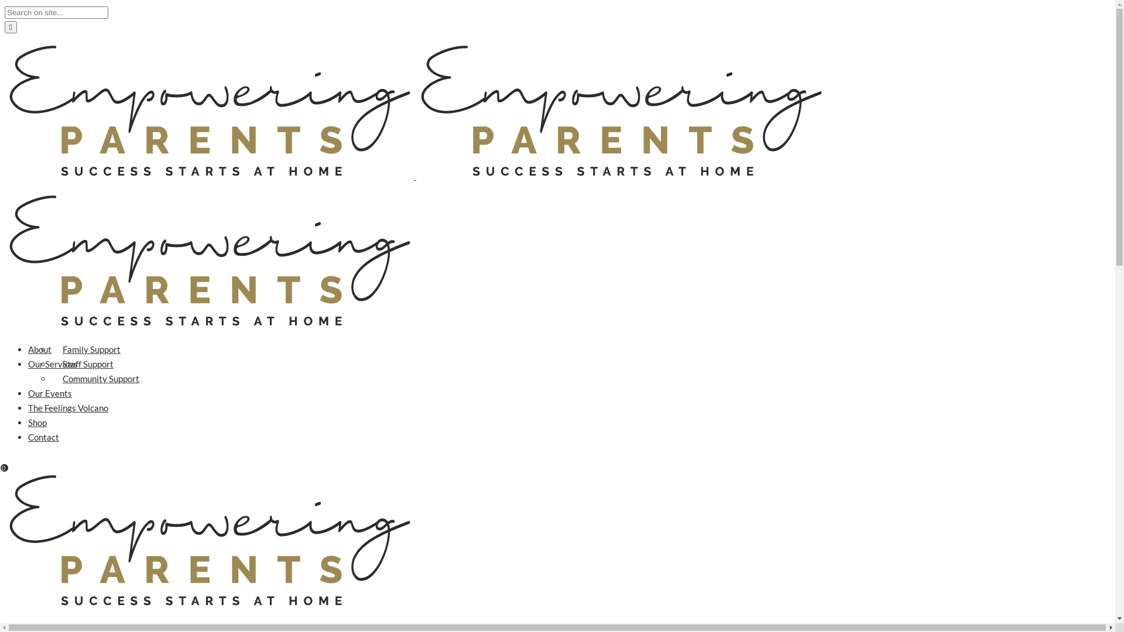  Describe the element at coordinates (43, 437) in the screenshot. I see `'Contact'` at that location.